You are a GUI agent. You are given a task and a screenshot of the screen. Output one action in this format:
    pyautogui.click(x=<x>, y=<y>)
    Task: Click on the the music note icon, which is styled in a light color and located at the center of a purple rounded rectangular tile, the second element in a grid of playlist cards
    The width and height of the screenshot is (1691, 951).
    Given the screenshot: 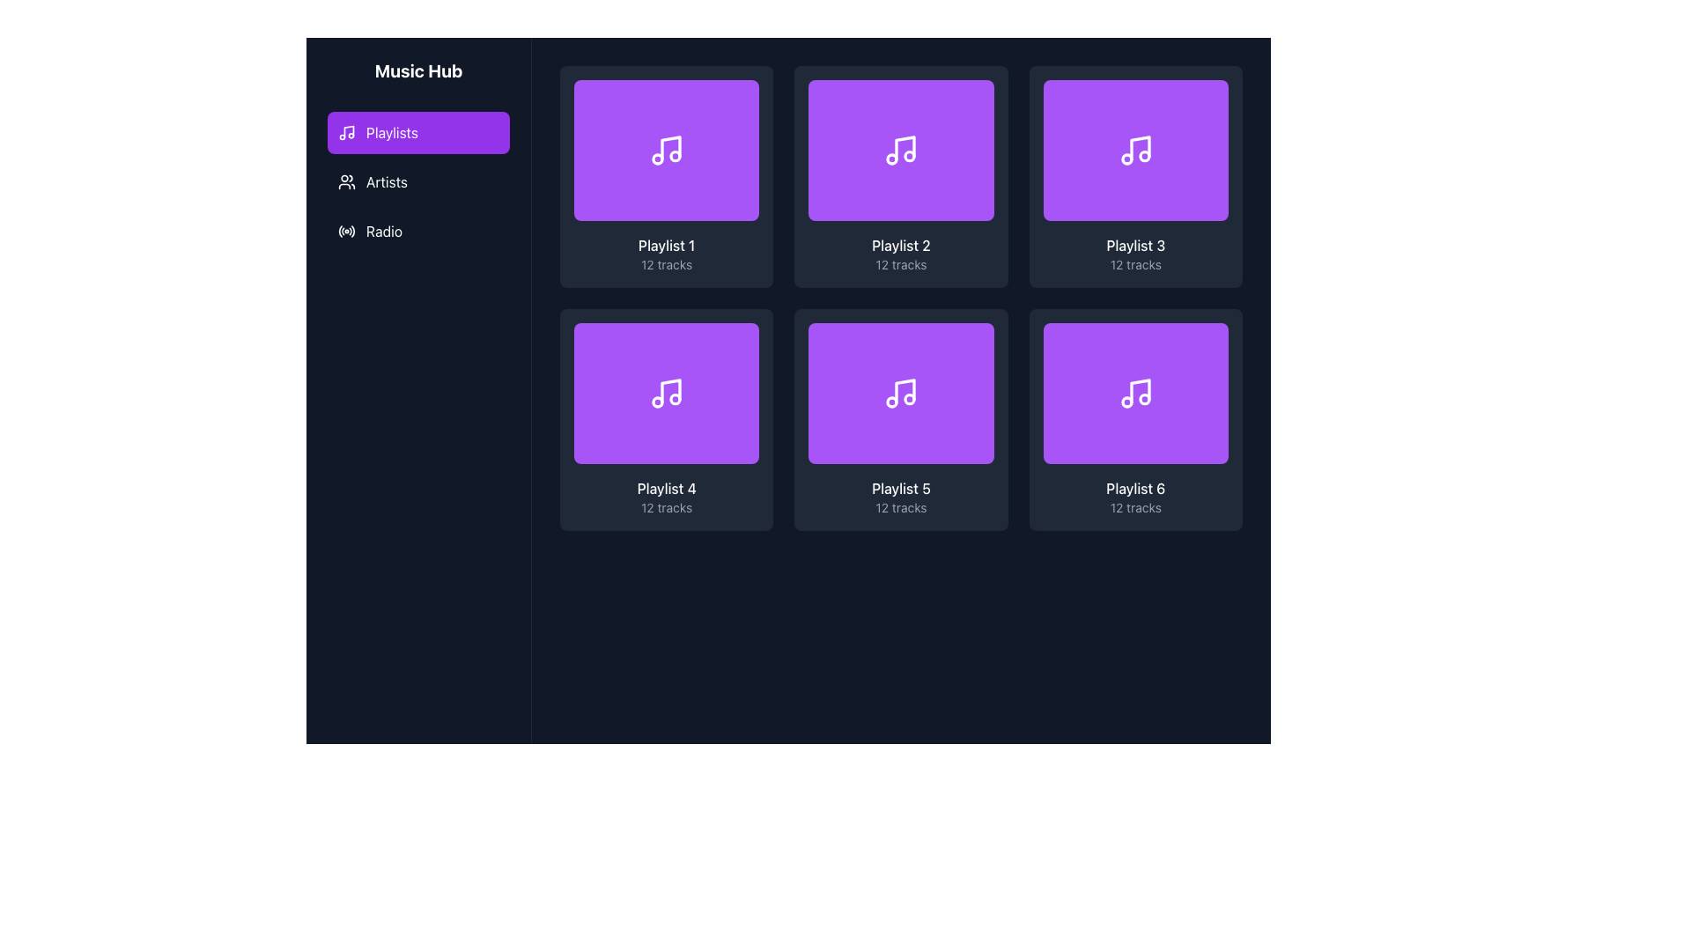 What is the action you would take?
    pyautogui.click(x=901, y=149)
    